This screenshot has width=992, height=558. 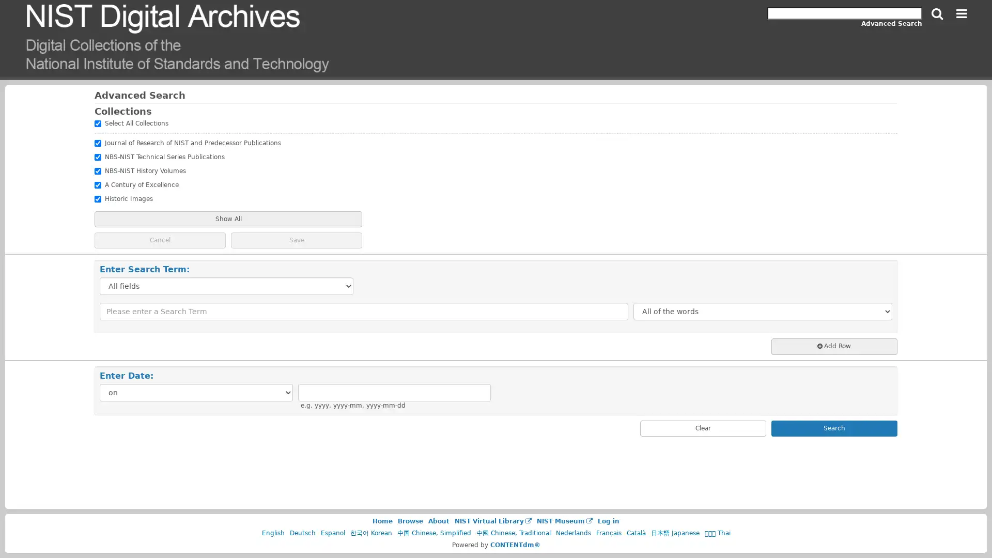 What do you see at coordinates (635, 533) in the screenshot?
I see `Catala` at bounding box center [635, 533].